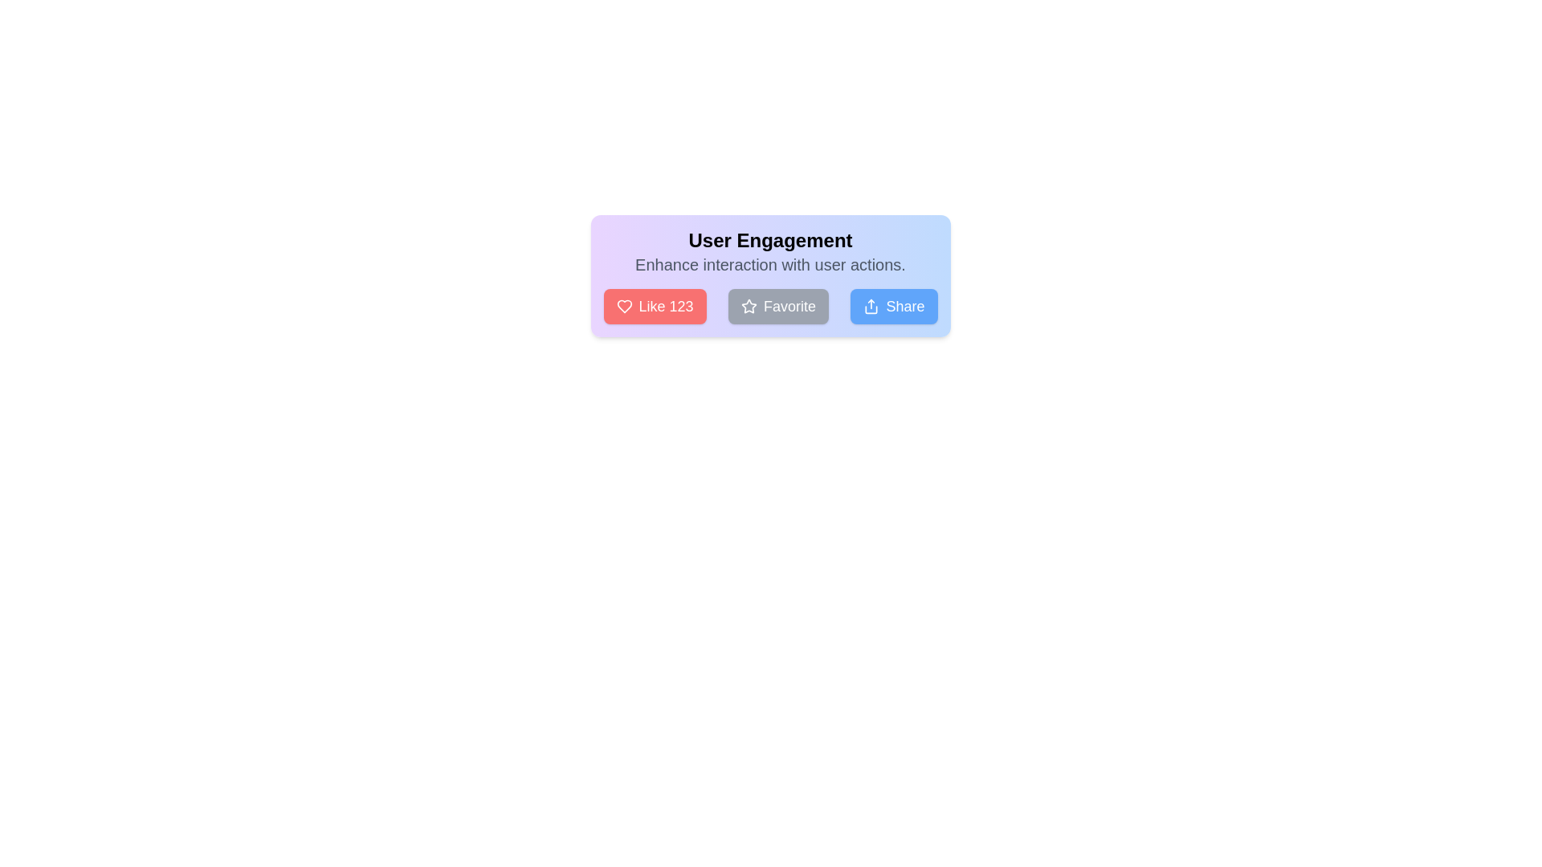 The width and height of the screenshot is (1542, 867). Describe the element at coordinates (655, 306) in the screenshot. I see `the red 'Like 123' button with a heart icon` at that location.